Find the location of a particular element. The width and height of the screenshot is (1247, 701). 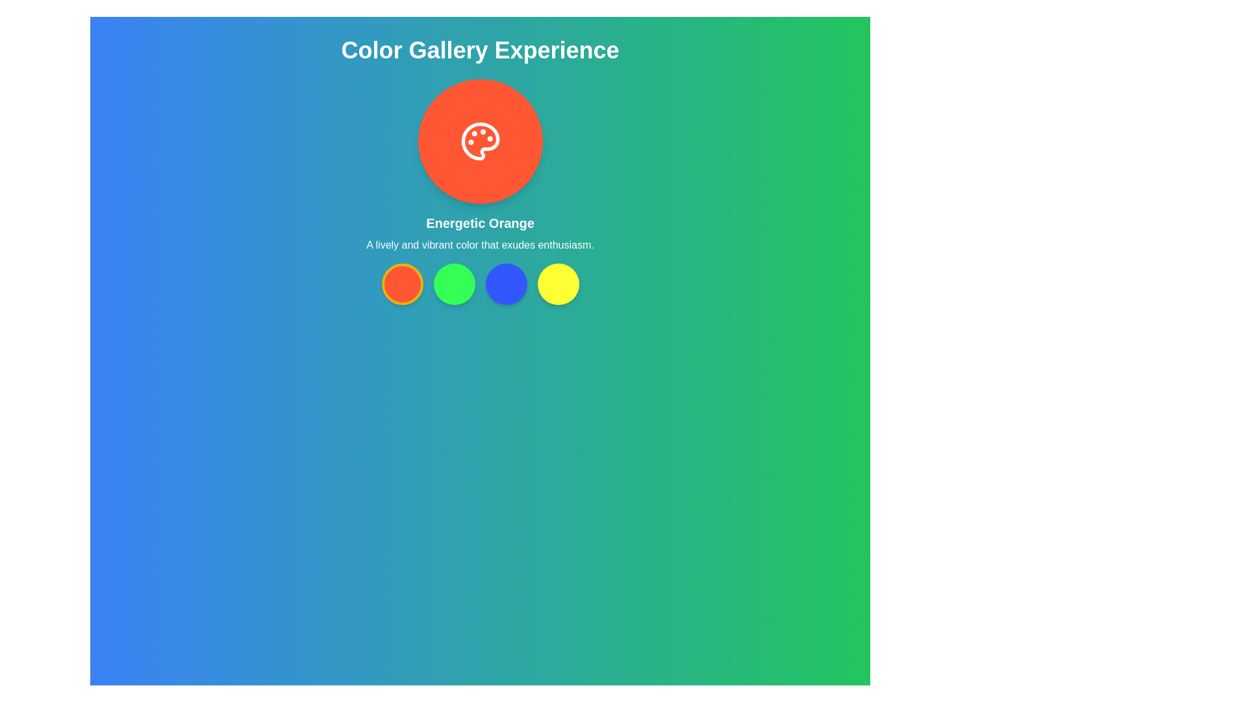

the graphical decorative icon resembling a painter's palette, which is centrally located in the top section of the layout with a bright orange-red background is located at coordinates (479, 141).